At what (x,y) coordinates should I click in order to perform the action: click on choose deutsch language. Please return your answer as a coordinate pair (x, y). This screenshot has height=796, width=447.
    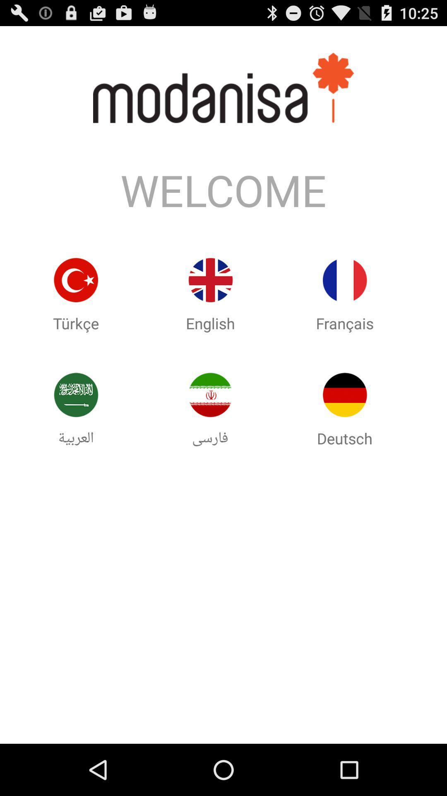
    Looking at the image, I should click on (345, 394).